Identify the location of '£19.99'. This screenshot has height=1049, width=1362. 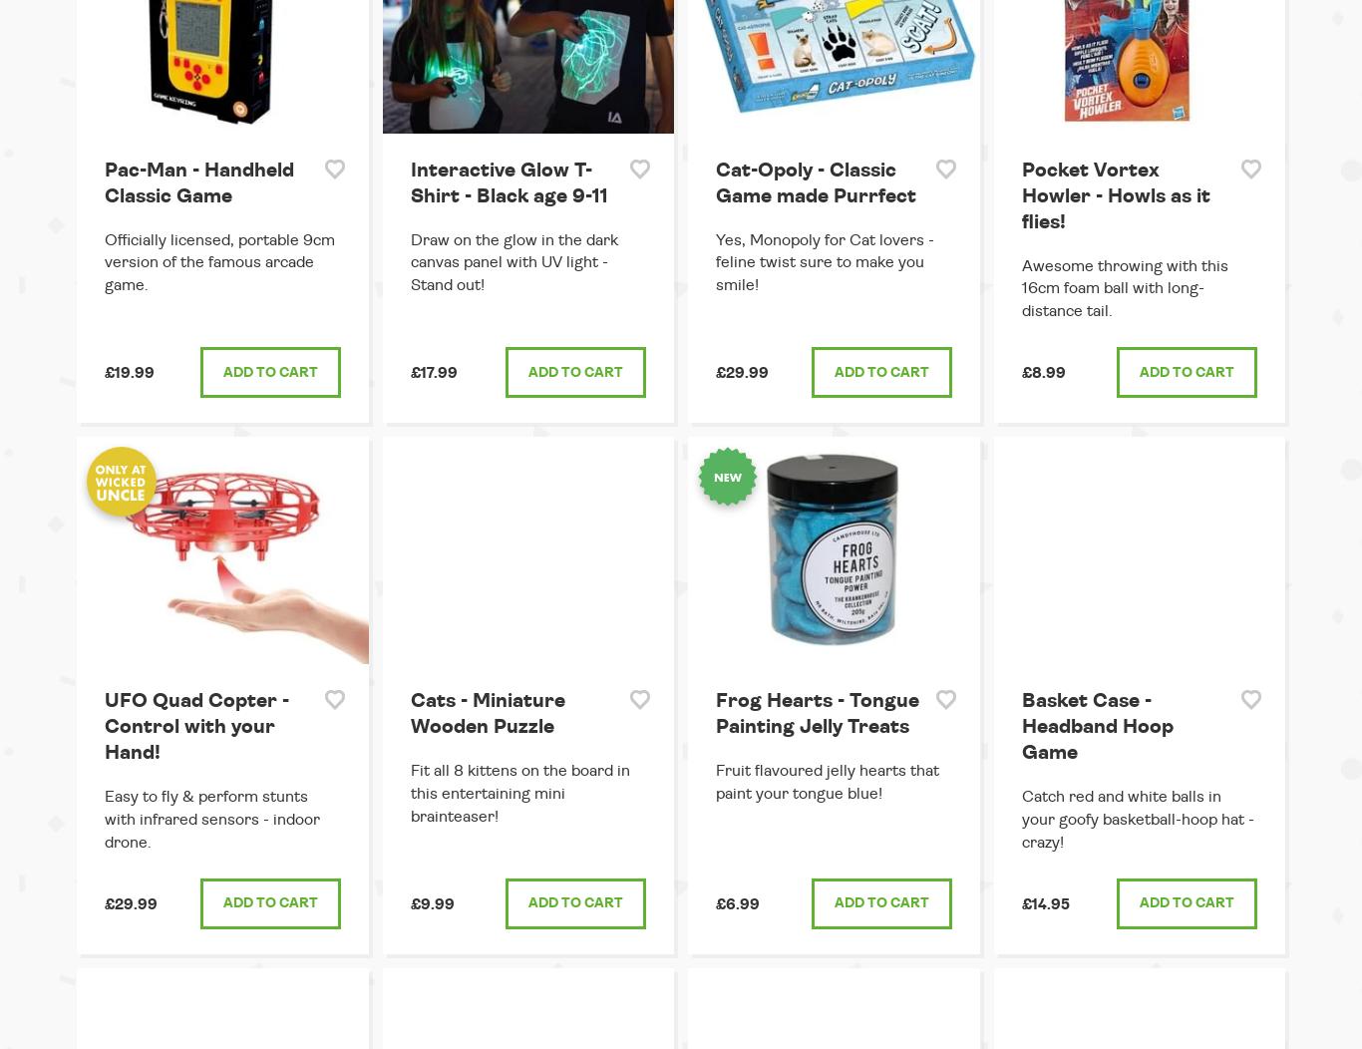
(129, 373).